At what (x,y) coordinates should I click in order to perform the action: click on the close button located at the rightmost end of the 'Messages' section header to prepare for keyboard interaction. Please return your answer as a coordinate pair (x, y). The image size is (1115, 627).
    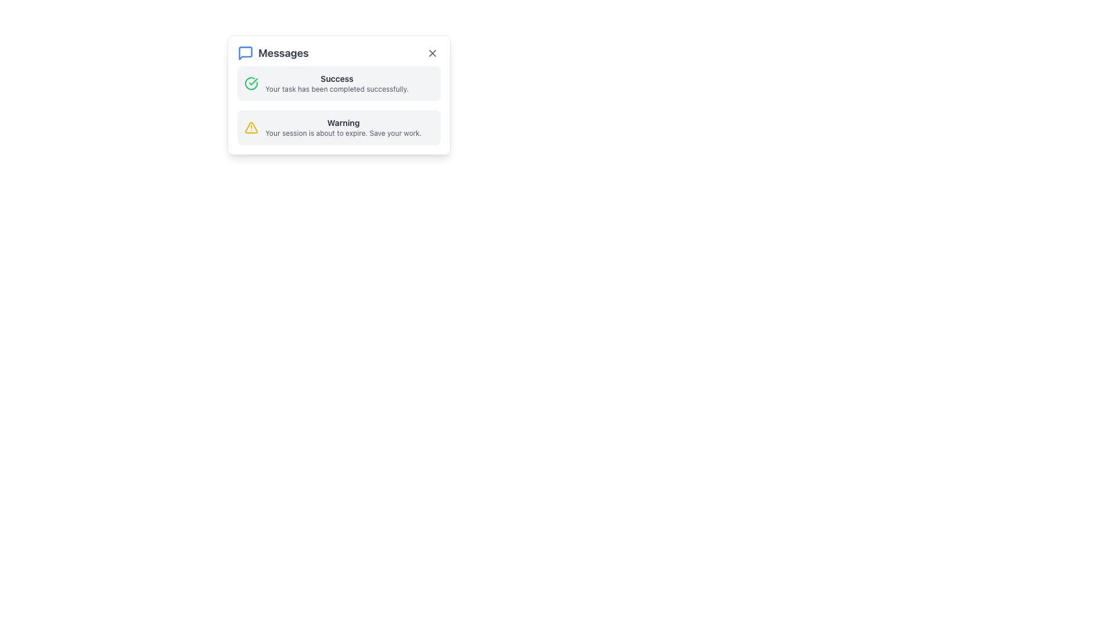
    Looking at the image, I should click on (431, 53).